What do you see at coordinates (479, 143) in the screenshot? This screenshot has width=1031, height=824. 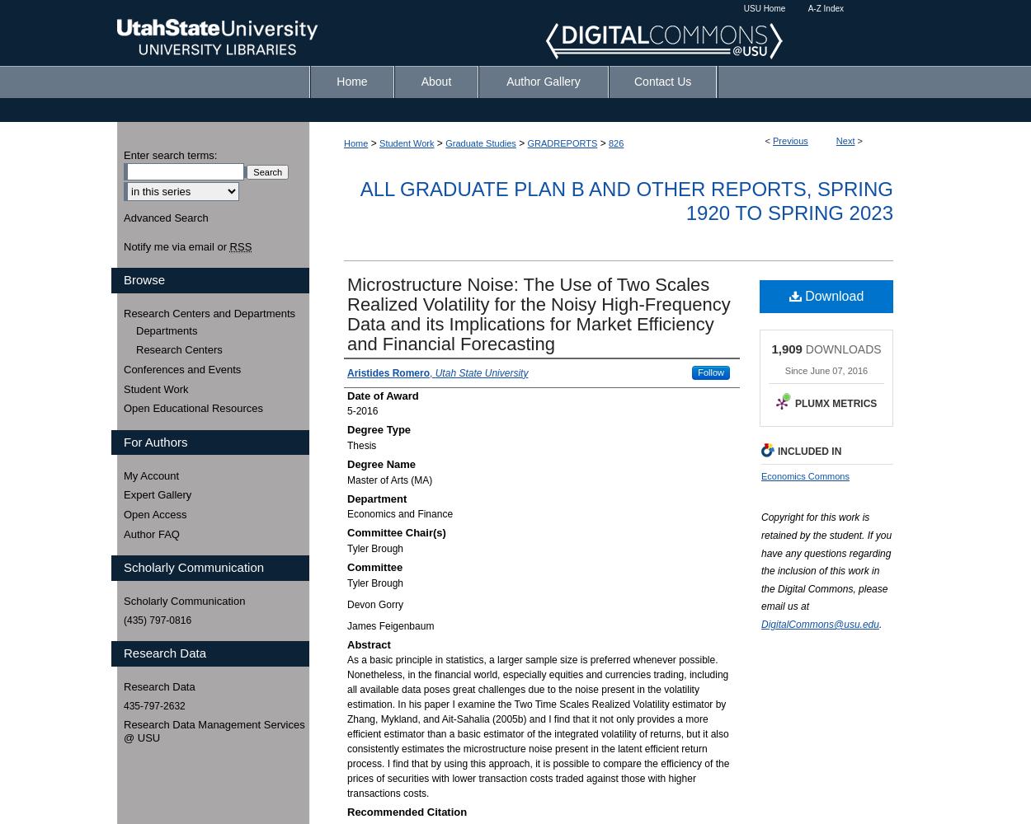 I see `'Graduate Studies'` at bounding box center [479, 143].